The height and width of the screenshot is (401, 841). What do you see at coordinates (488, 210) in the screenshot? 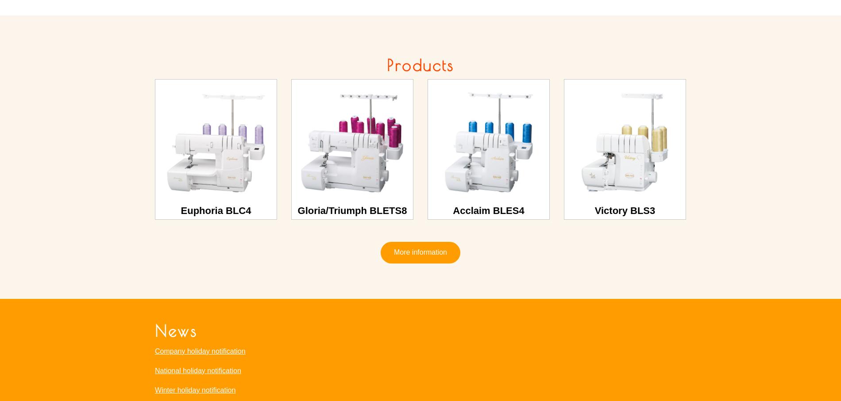
I see `'Acclaim BLES4'` at bounding box center [488, 210].